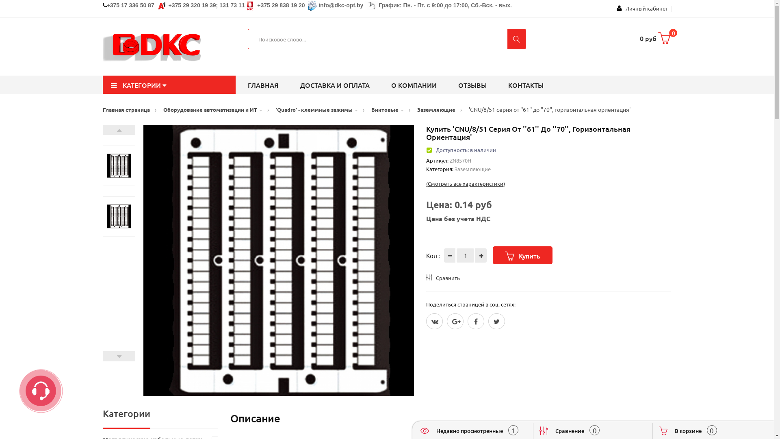 The height and width of the screenshot is (439, 780). Describe the element at coordinates (496, 321) in the screenshot. I see `'Twitter'` at that location.